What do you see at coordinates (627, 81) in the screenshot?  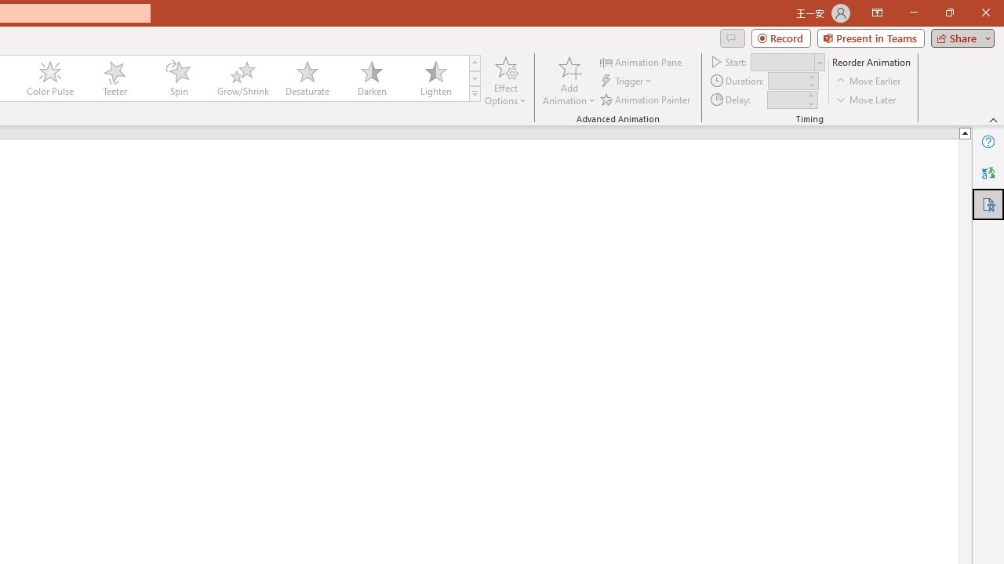 I see `'Trigger'` at bounding box center [627, 81].